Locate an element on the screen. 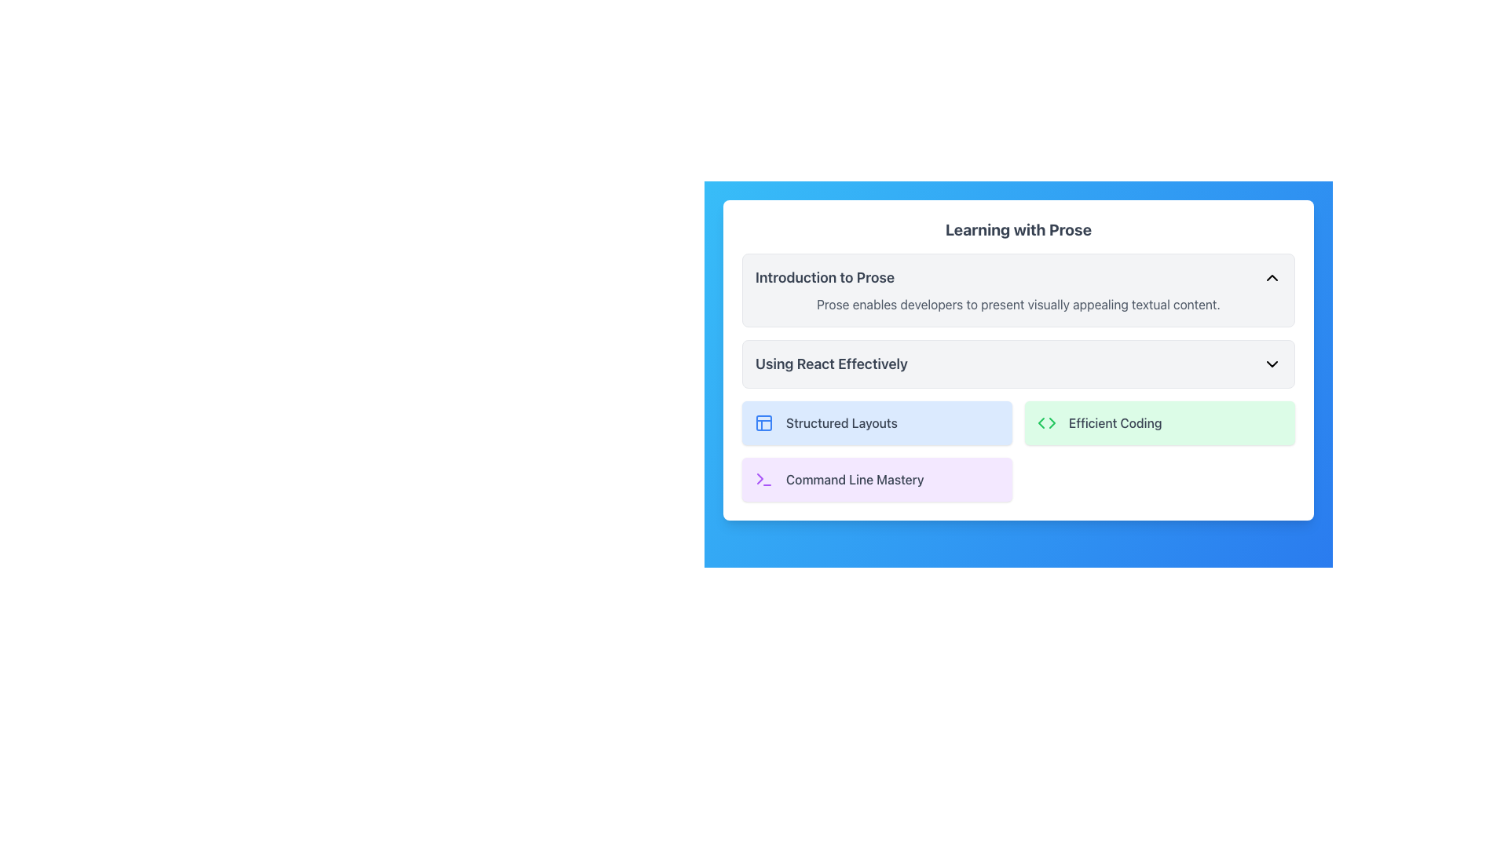 This screenshot has height=848, width=1508. bold heading labeled 'Introduction to Prose' located near the top-left side of the interface under 'Learning with Prose' is located at coordinates (824, 277).